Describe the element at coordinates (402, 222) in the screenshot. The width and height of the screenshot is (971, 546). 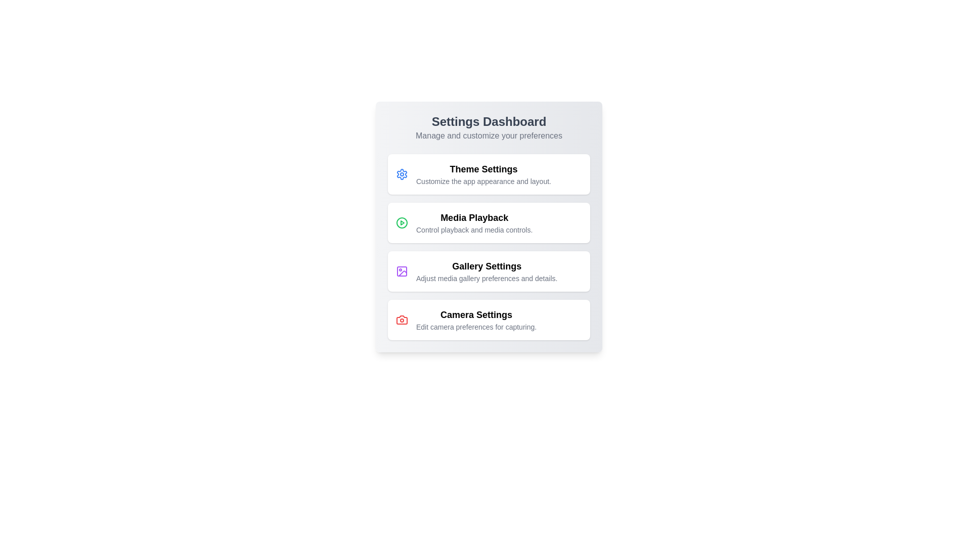
I see `the circular green play icon with a triangular play symbol, located in the 'Media Playback' section before the heading 'Media Playback'` at that location.